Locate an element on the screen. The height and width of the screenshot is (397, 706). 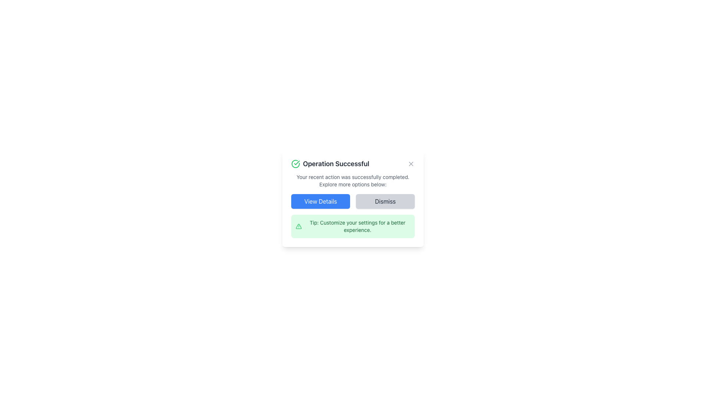
success message displayed in the Notification Header located at the top of the modal, which confirms the user's recent action was successful is located at coordinates (353, 164).